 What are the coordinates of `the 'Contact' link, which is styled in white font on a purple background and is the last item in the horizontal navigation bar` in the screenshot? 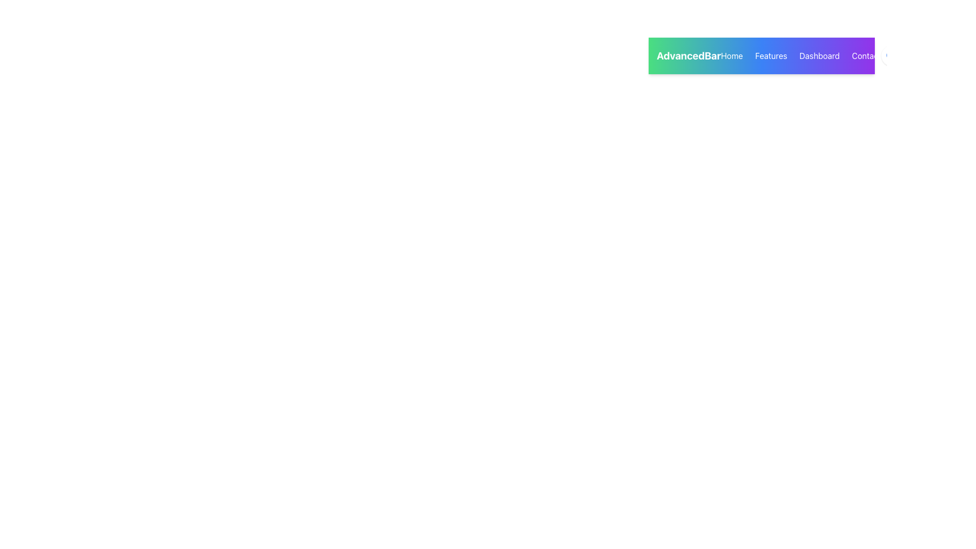 It's located at (866, 56).